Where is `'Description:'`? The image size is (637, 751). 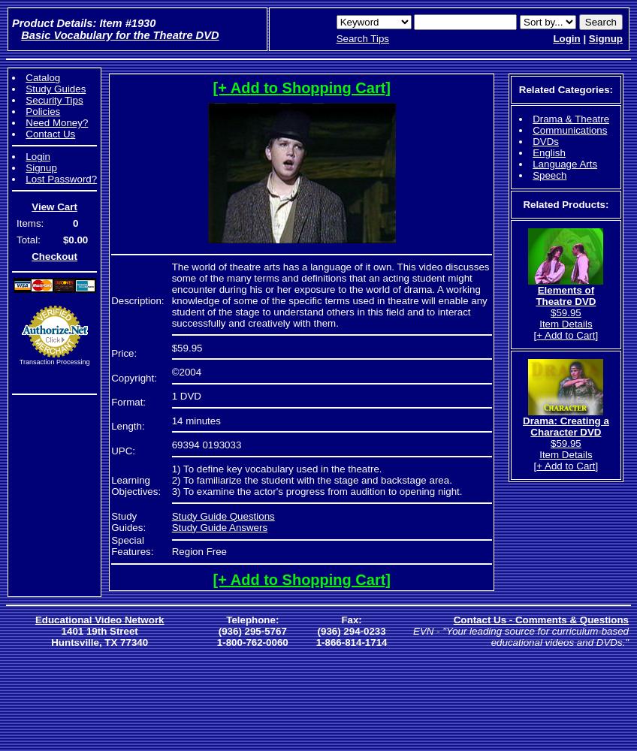
'Description:' is located at coordinates (137, 300).